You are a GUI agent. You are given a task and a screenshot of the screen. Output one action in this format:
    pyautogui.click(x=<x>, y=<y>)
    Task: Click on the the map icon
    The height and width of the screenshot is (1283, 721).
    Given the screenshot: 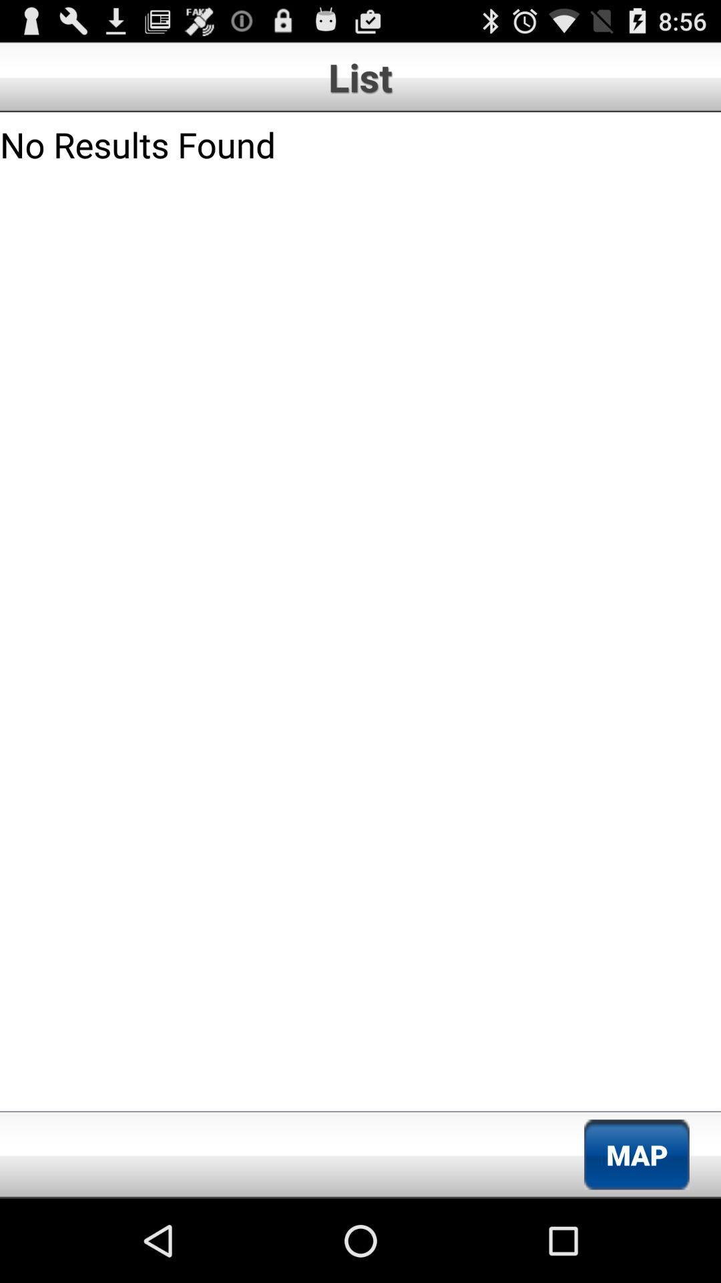 What is the action you would take?
    pyautogui.click(x=636, y=1154)
    